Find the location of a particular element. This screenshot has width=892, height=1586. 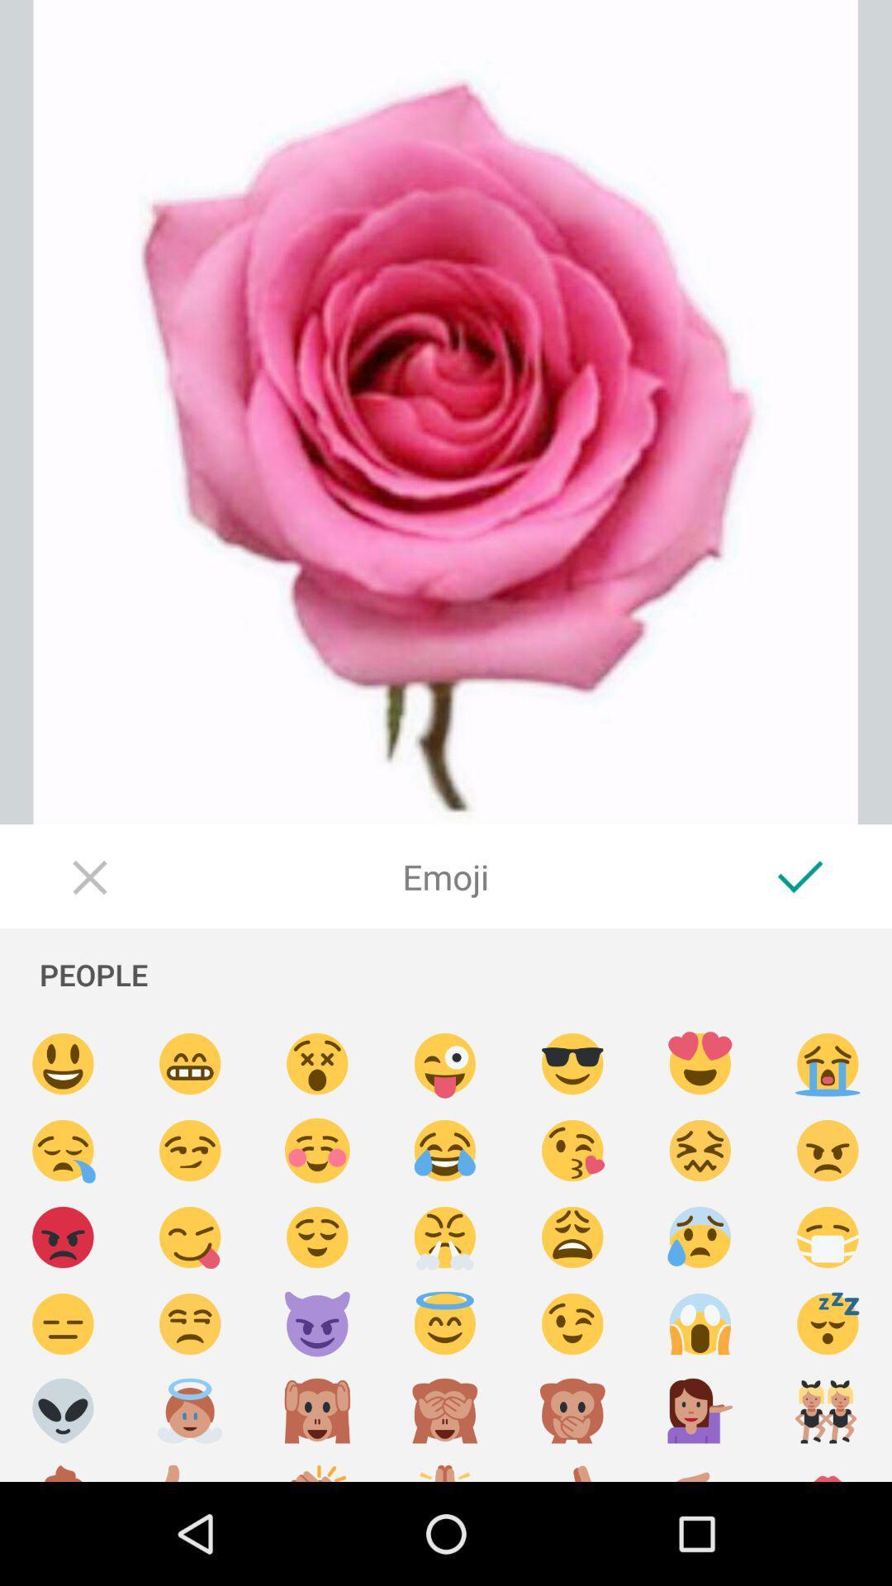

alien emoticon is located at coordinates (62, 1410).